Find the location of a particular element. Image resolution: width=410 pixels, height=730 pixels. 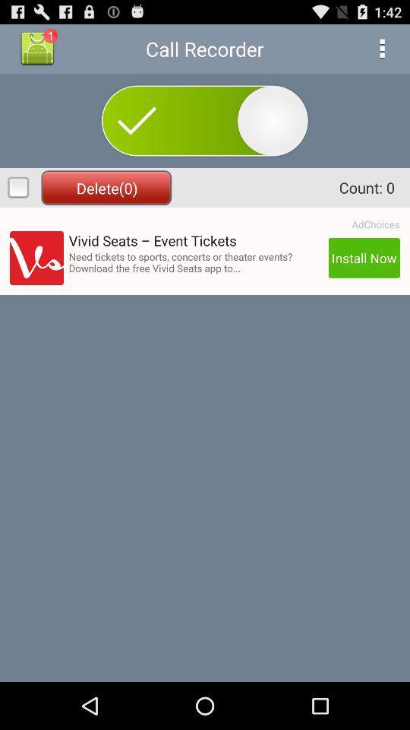

the item to the left of delete(0) icon is located at coordinates (17, 186).